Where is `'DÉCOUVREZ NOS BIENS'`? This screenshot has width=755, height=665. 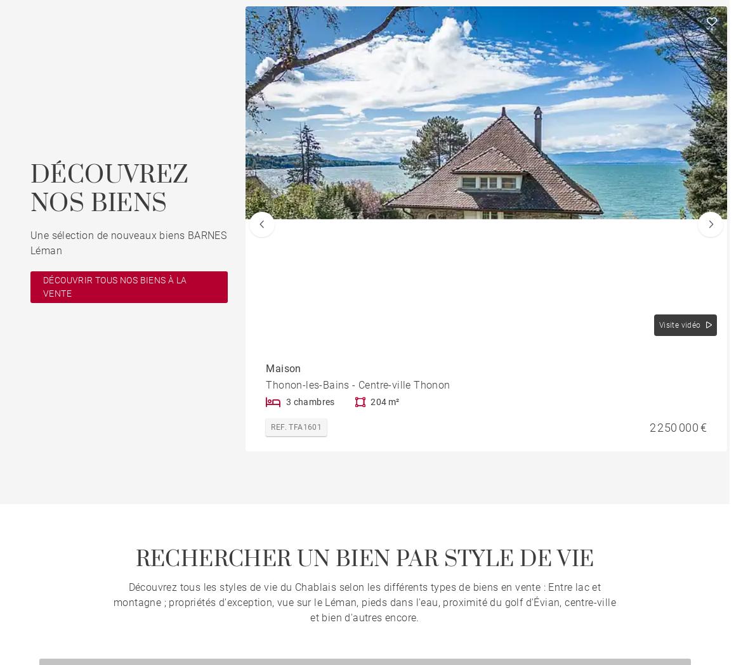 'DÉCOUVREZ NOS BIENS' is located at coordinates (108, 189).